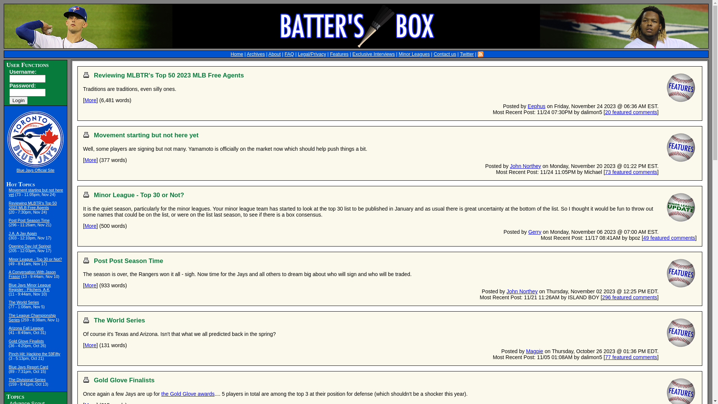  Describe the element at coordinates (329, 54) in the screenshot. I see `'Features'` at that location.